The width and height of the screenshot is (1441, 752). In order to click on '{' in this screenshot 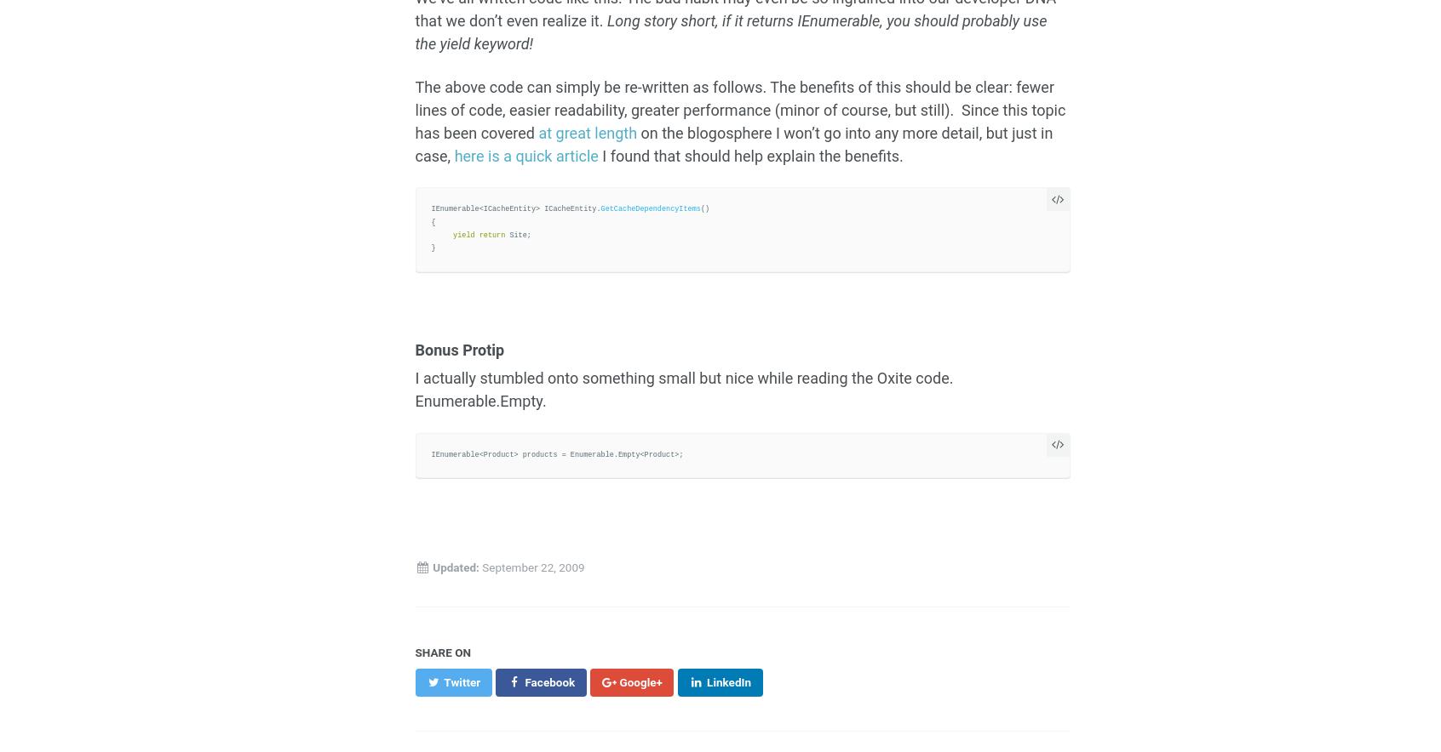, I will do `click(433, 220)`.